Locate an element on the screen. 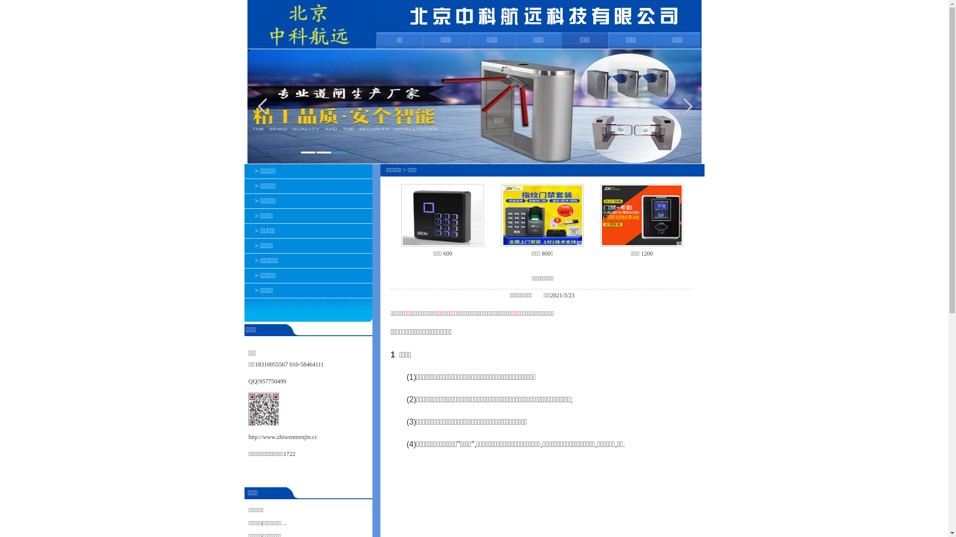 The height and width of the screenshot is (537, 956). 'http://www.zhiwenmenjin.cc' is located at coordinates (282, 437).